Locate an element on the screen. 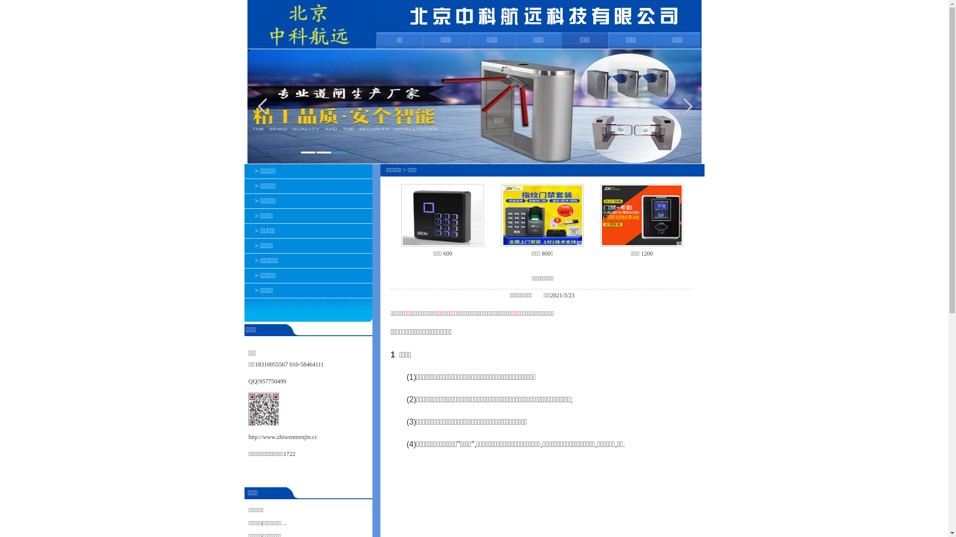 The height and width of the screenshot is (537, 956). 'http://www.zhiwenmenjin.cc' is located at coordinates (282, 437).